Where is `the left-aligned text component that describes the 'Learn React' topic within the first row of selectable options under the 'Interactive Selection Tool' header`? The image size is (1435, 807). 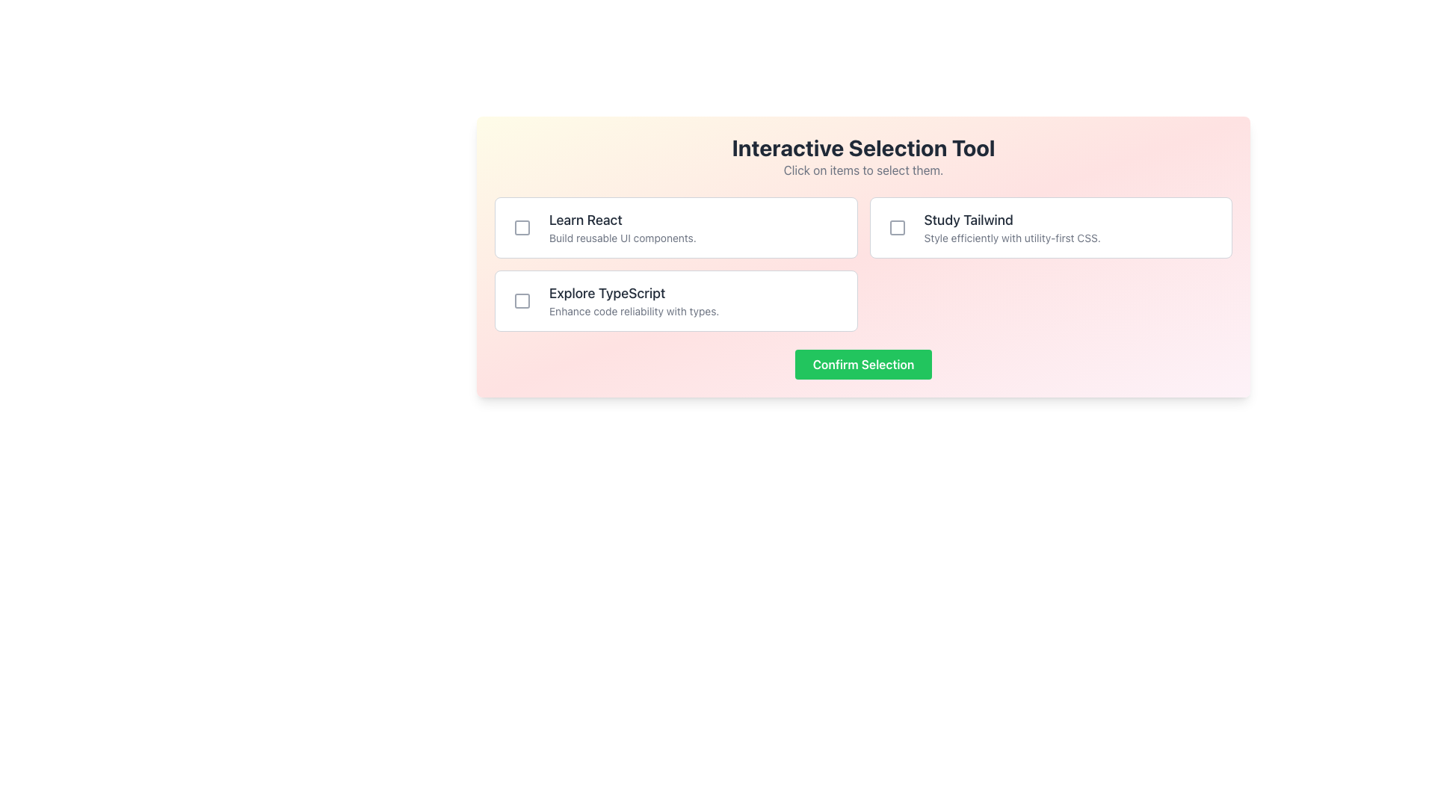
the left-aligned text component that describes the 'Learn React' topic within the first row of selectable options under the 'Interactive Selection Tool' header is located at coordinates (623, 227).